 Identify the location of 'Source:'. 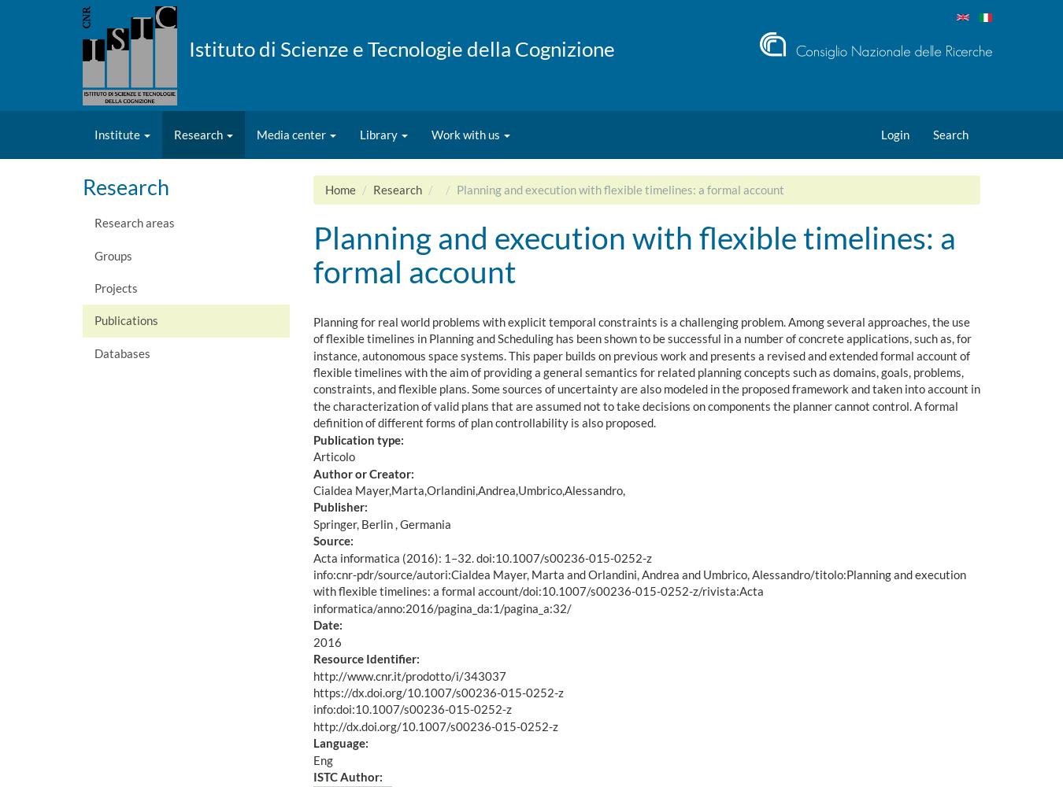
(334, 541).